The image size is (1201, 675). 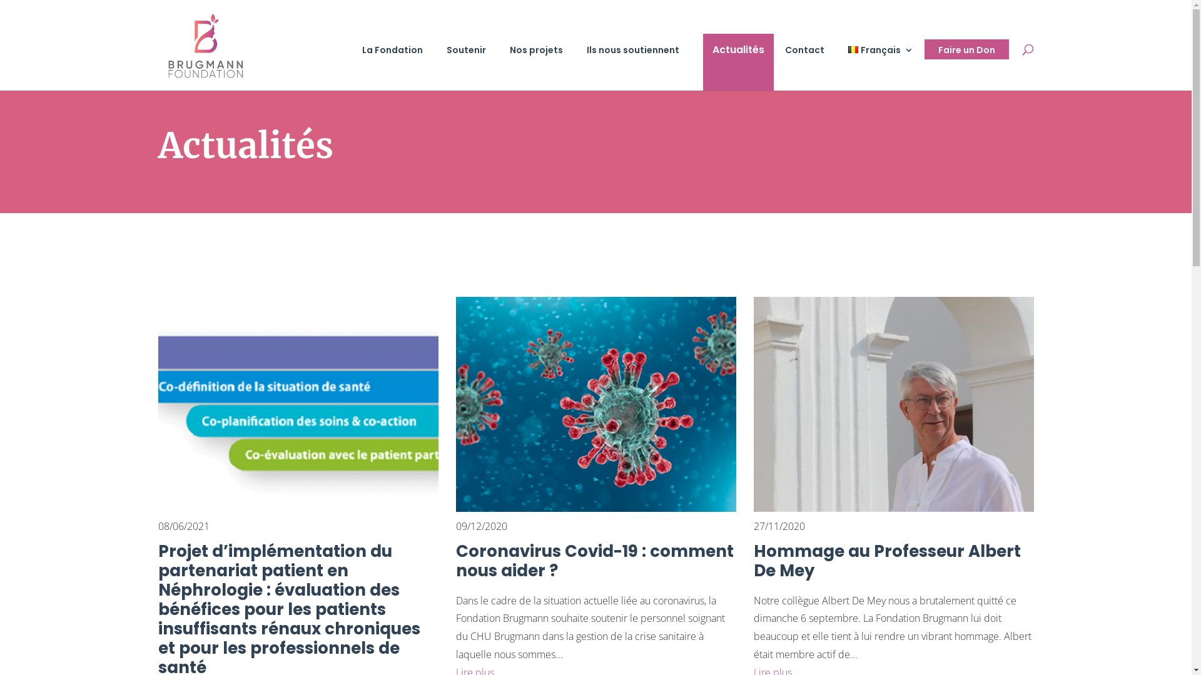 What do you see at coordinates (542, 67) in the screenshot?
I see `'Nos projets'` at bounding box center [542, 67].